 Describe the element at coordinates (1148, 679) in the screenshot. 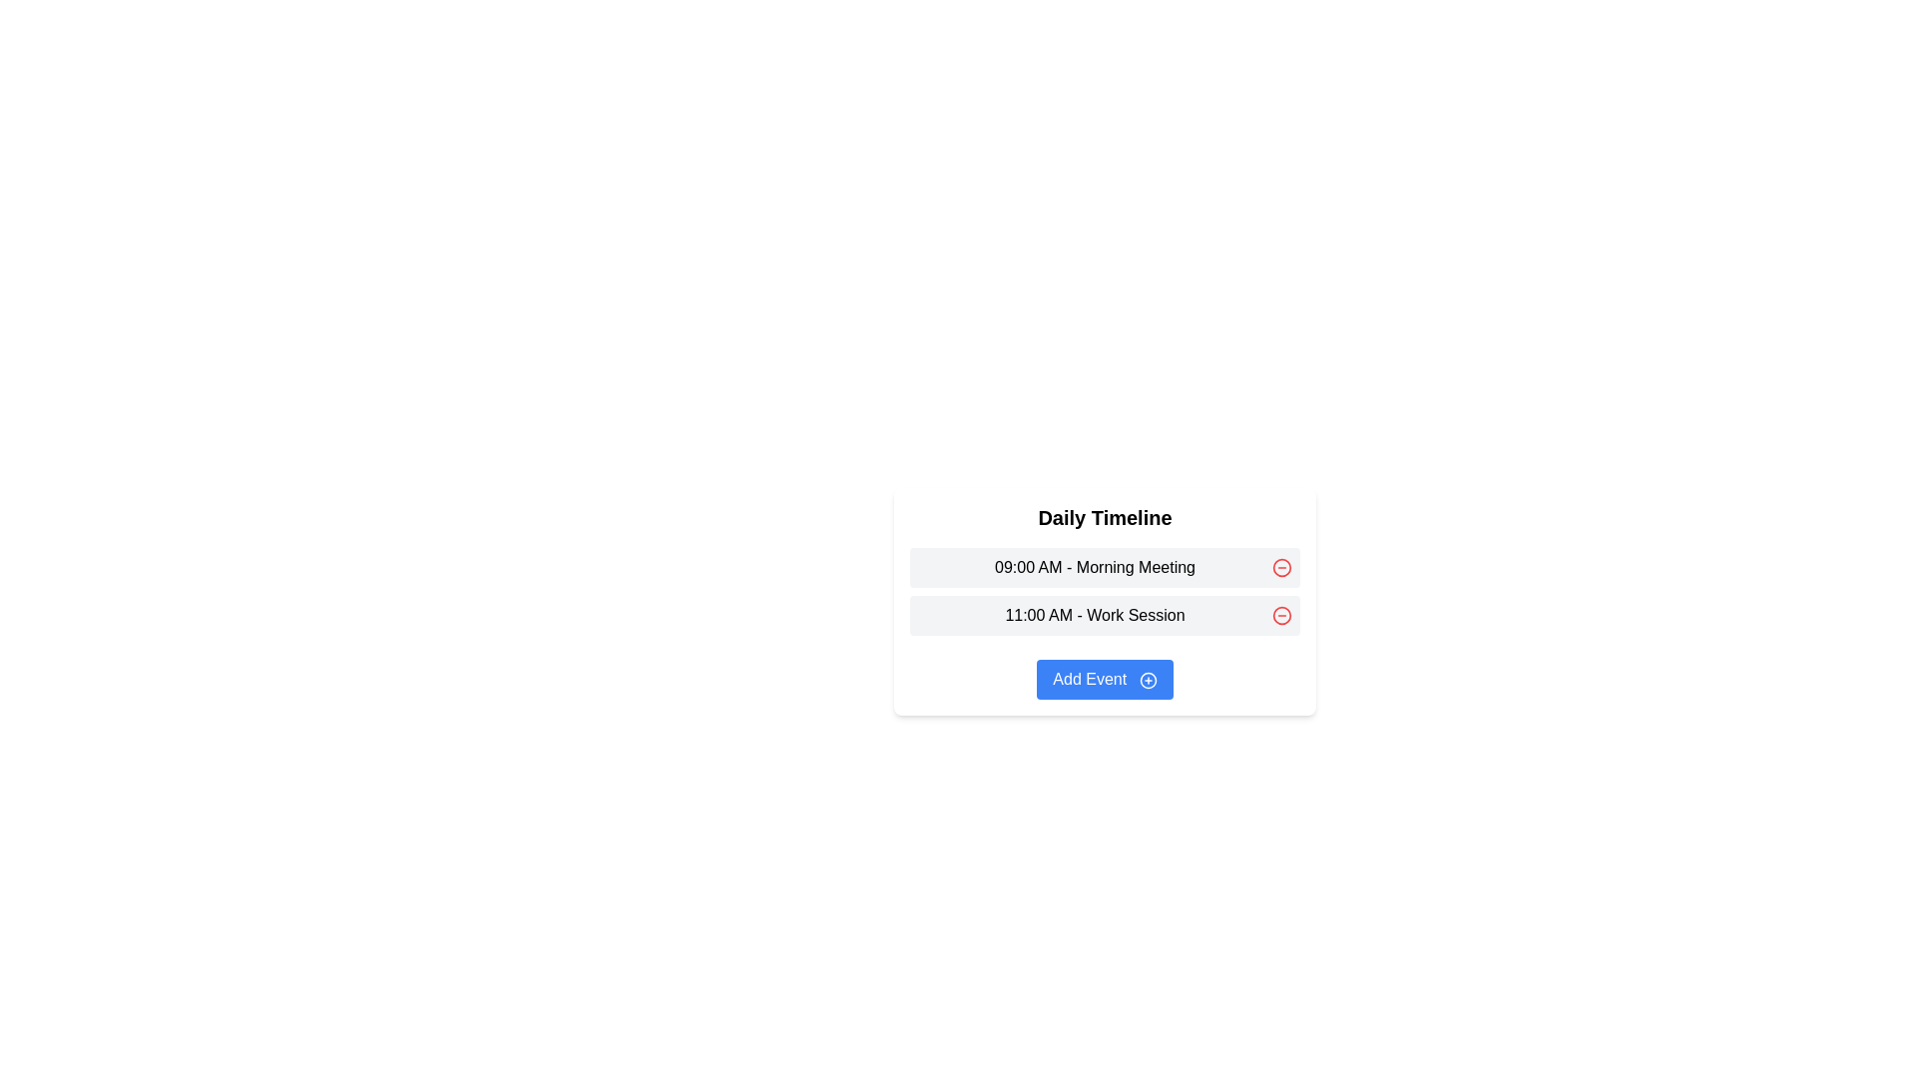

I see `the visual meaning of the icon located to the right of the 'Add Event' button, which indicates the action of adding an event` at that location.